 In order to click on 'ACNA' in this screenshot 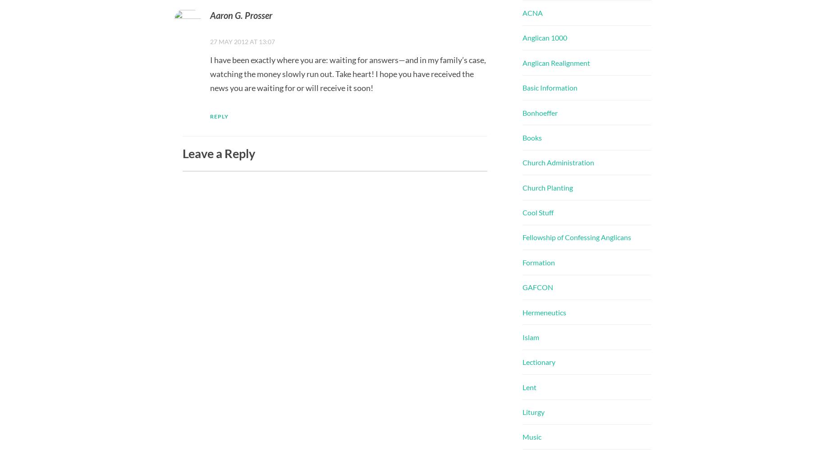, I will do `click(522, 12)`.